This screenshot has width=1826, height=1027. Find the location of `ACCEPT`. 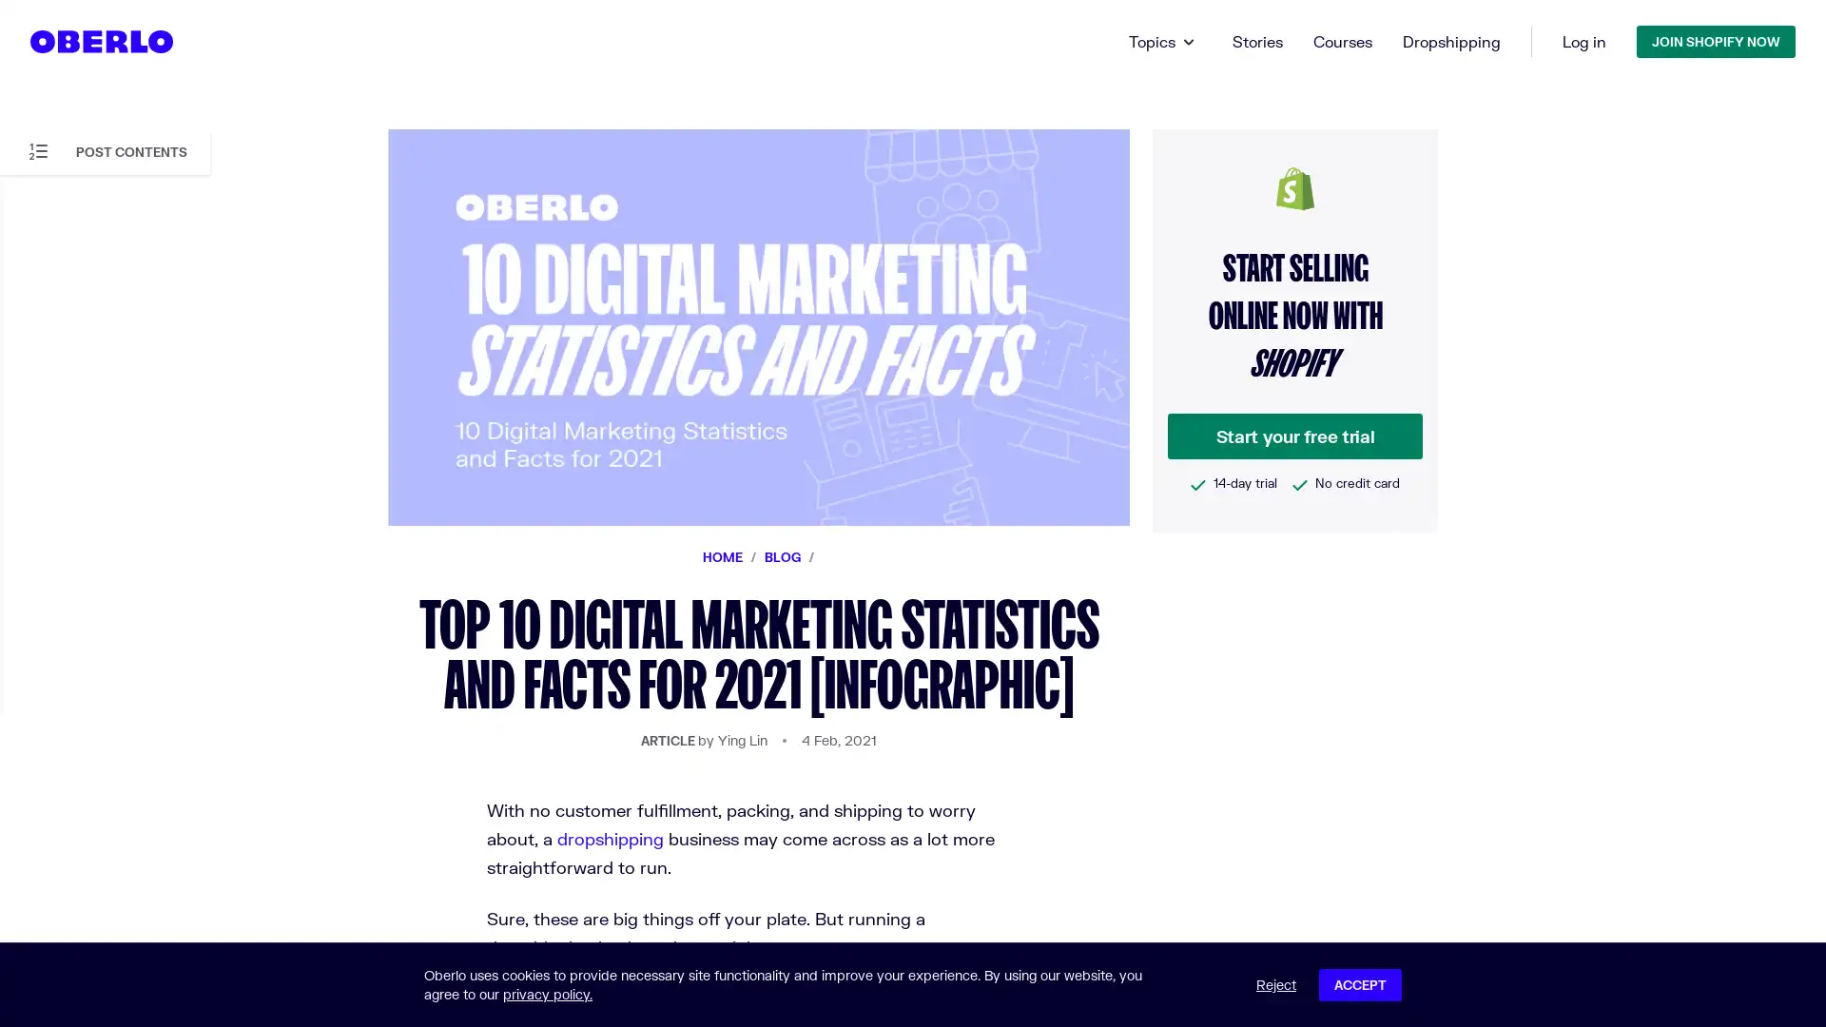

ACCEPT is located at coordinates (1359, 984).